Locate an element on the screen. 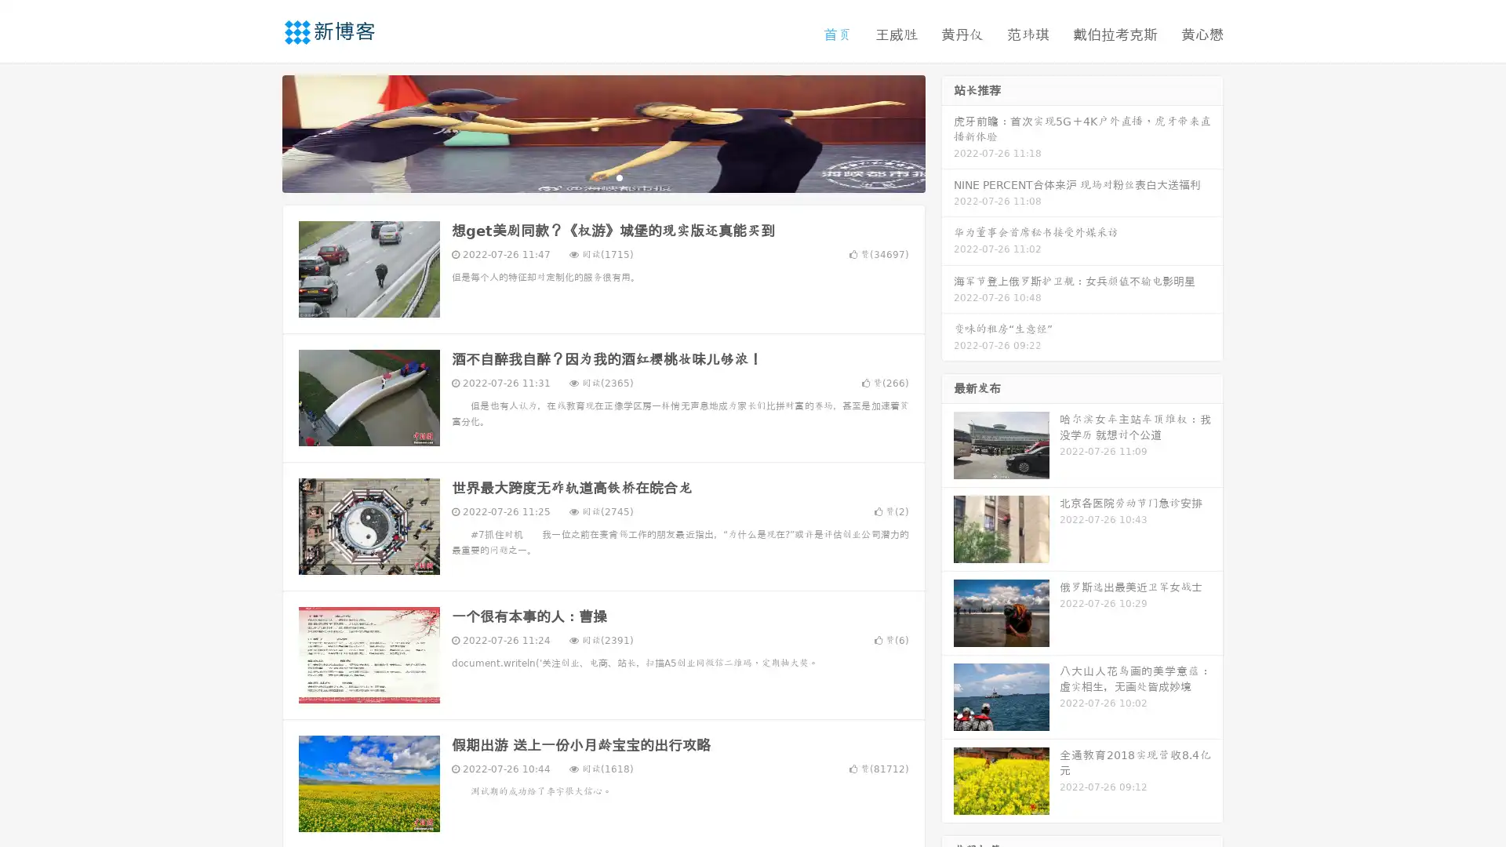 The width and height of the screenshot is (1506, 847). Go to slide 2 is located at coordinates (602, 176).